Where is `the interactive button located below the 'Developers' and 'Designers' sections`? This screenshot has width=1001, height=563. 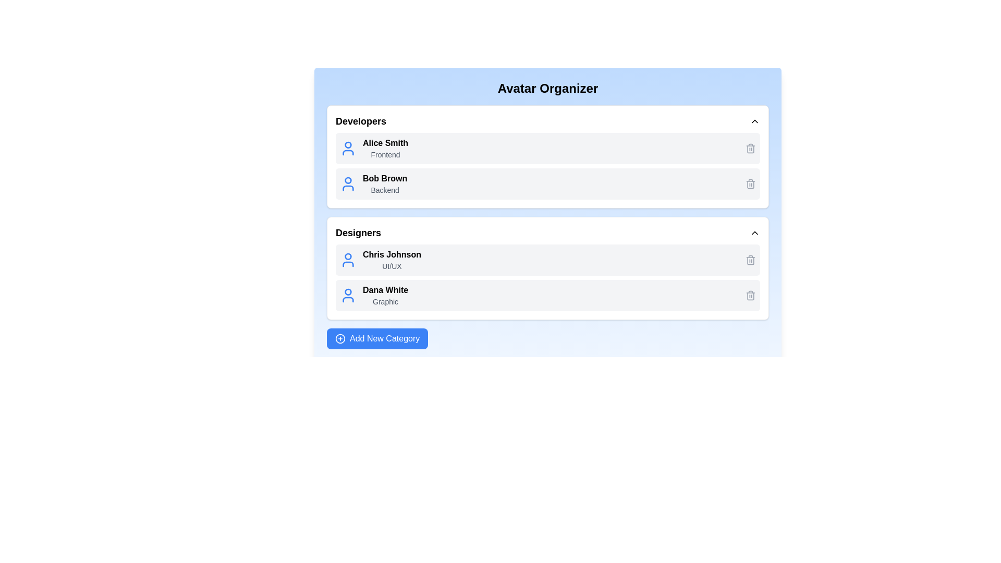
the interactive button located below the 'Developers' and 'Designers' sections is located at coordinates (377, 339).